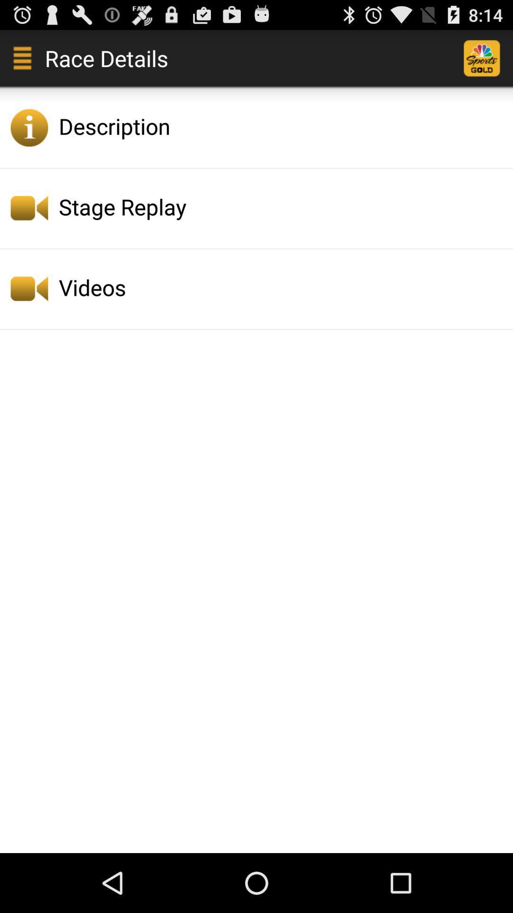  What do you see at coordinates (283, 206) in the screenshot?
I see `stage replay item` at bounding box center [283, 206].